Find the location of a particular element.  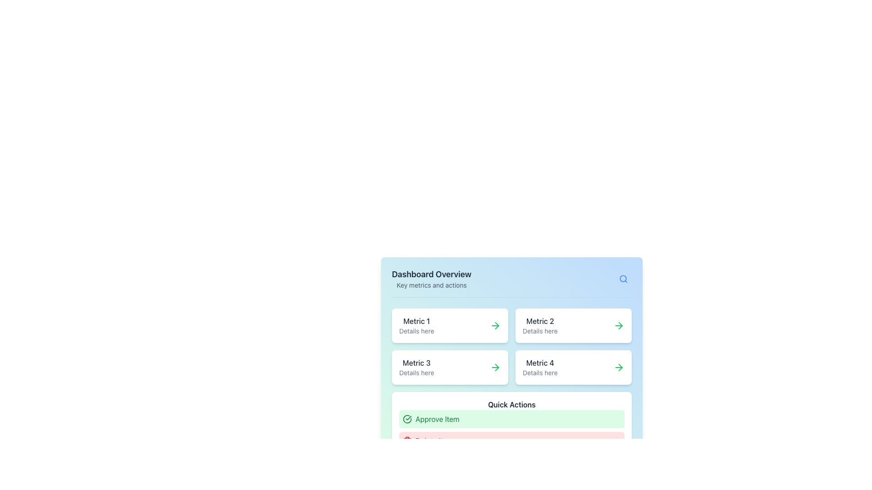

informational text displayed for 'Metric 1' located in the first card of the grid under the 'Dashboard Overview' header is located at coordinates (416, 325).